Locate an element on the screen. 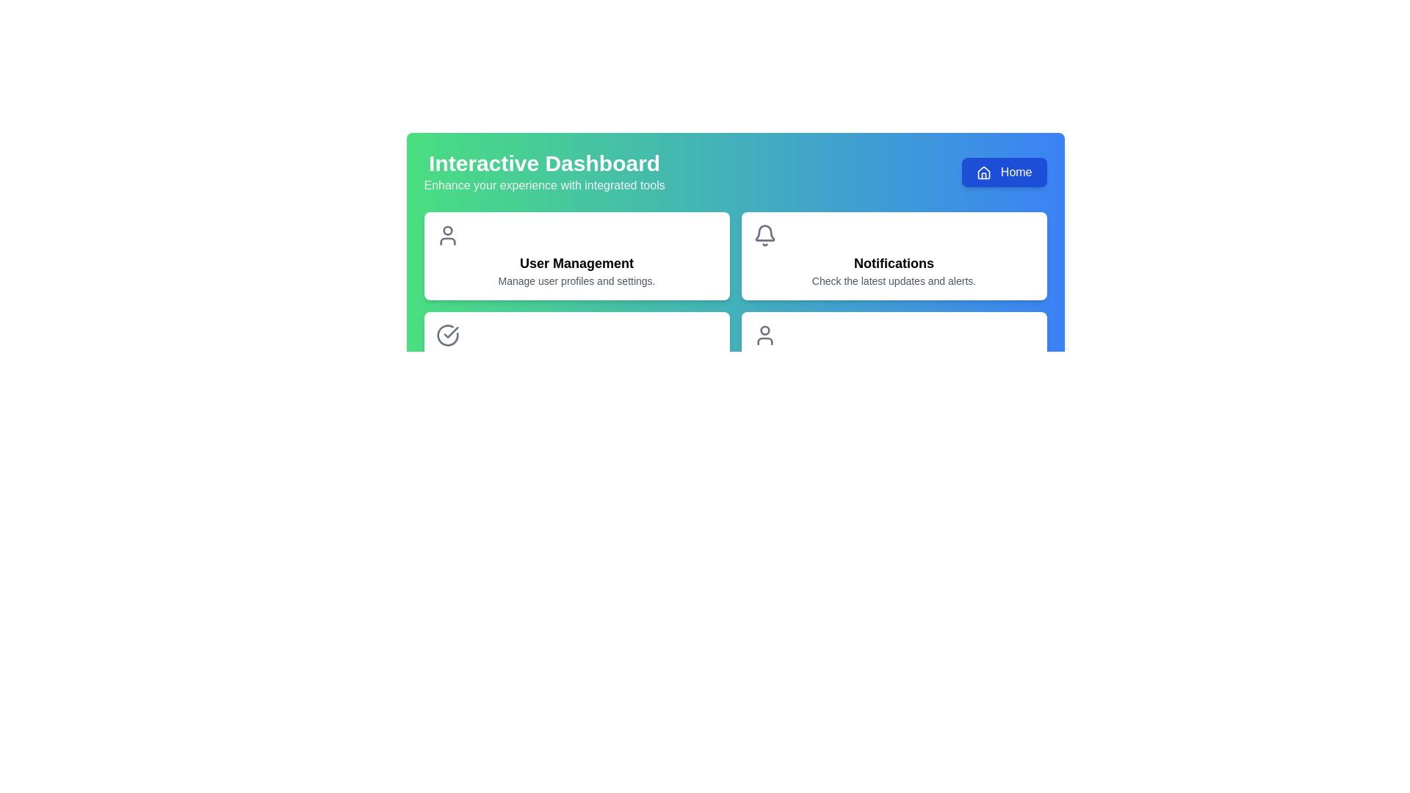 This screenshot has height=793, width=1410. title text element located at the top-left corner of the dashboard interface, just below the header is located at coordinates (543, 172).